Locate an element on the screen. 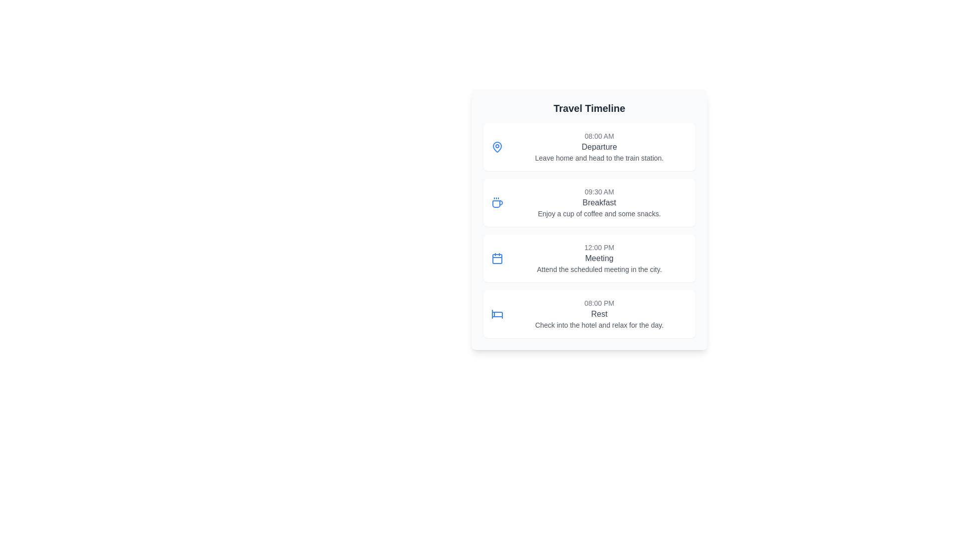 Image resolution: width=955 pixels, height=537 pixels. the text label displaying the word 'Breakfast' in gray color, which is located in the second timeline entry of the activity card is located at coordinates (598, 202).